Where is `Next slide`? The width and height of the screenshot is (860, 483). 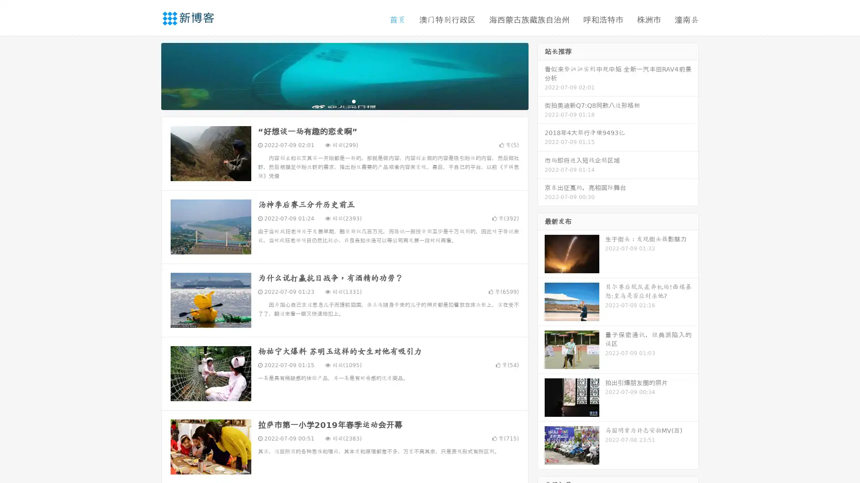
Next slide is located at coordinates (541, 75).